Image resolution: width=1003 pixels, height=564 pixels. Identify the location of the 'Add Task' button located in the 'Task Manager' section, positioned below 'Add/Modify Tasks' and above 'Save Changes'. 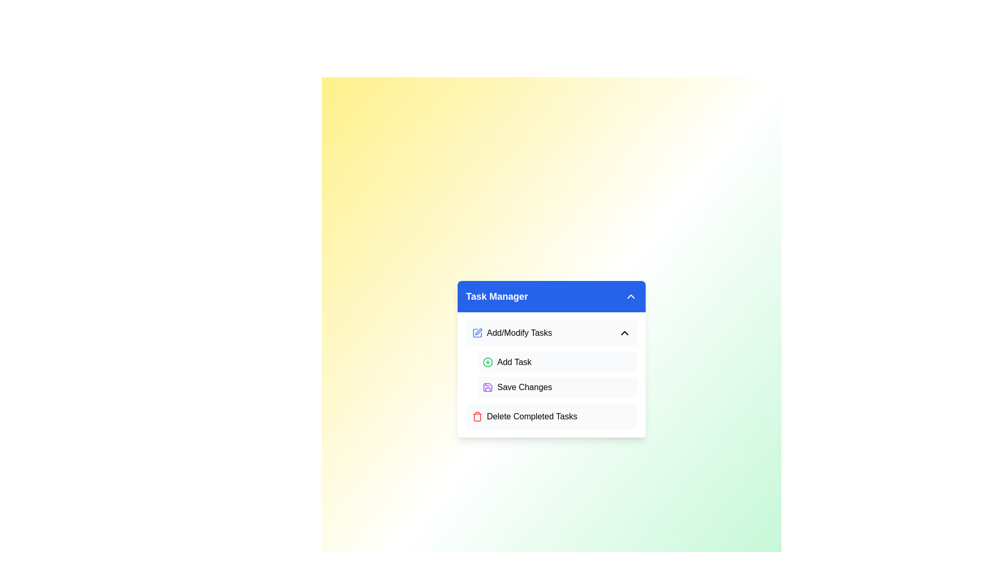
(557, 362).